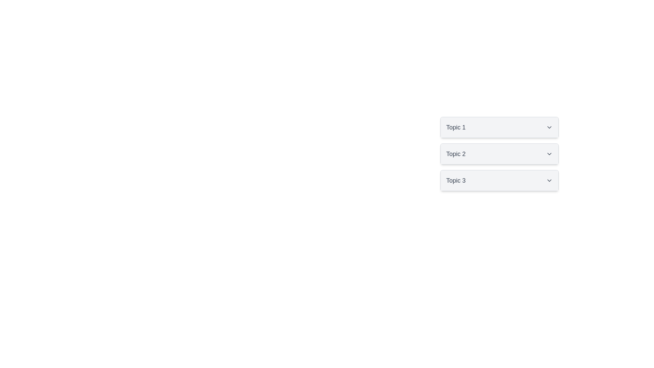 The height and width of the screenshot is (368, 654). I want to click on the title text of the first collapsible panel, so click(456, 127).